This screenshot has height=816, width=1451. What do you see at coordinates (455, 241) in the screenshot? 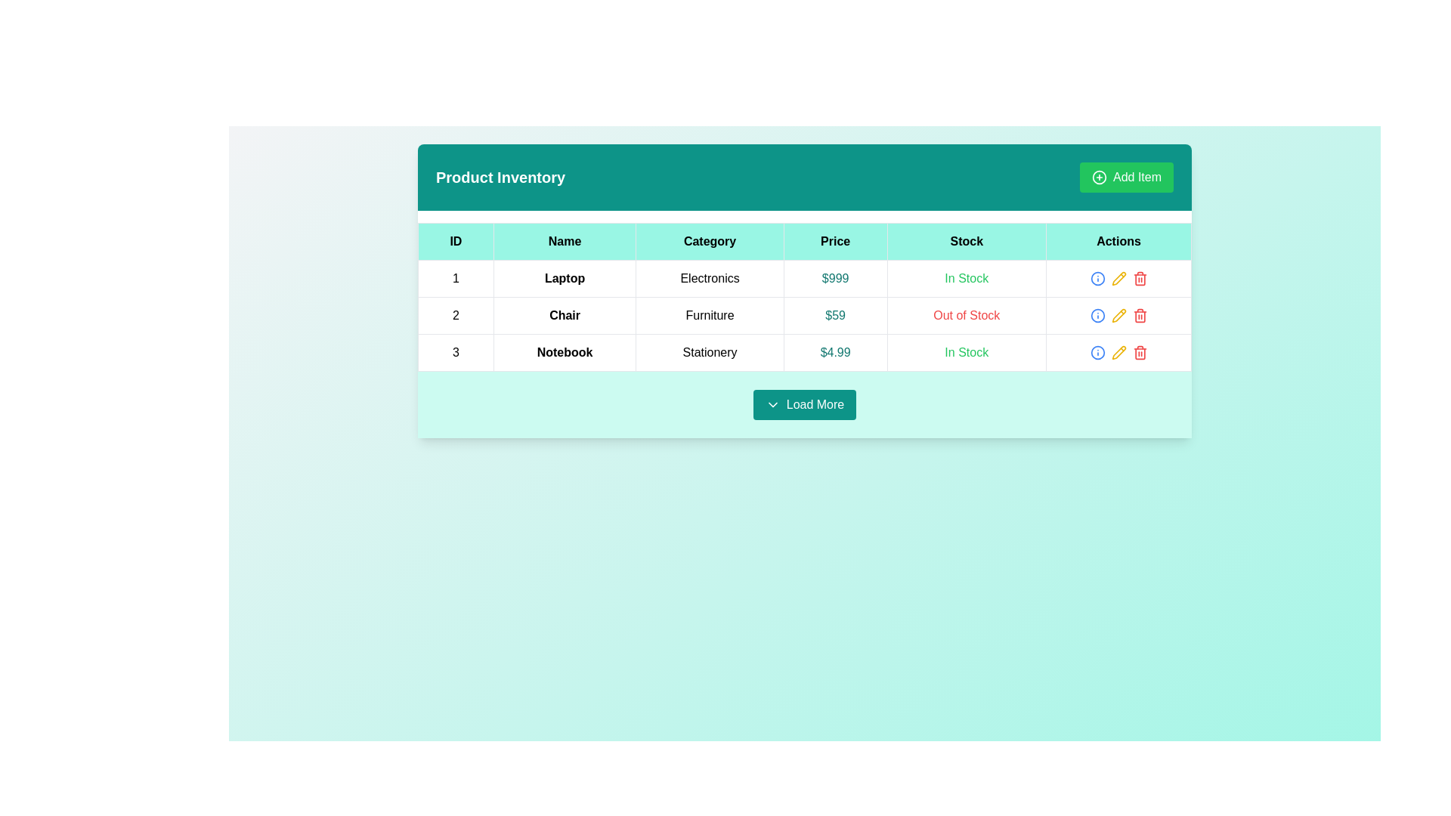
I see `text of the Table Header Cell for the 'ID' column, located at the top-left of the table structure` at bounding box center [455, 241].